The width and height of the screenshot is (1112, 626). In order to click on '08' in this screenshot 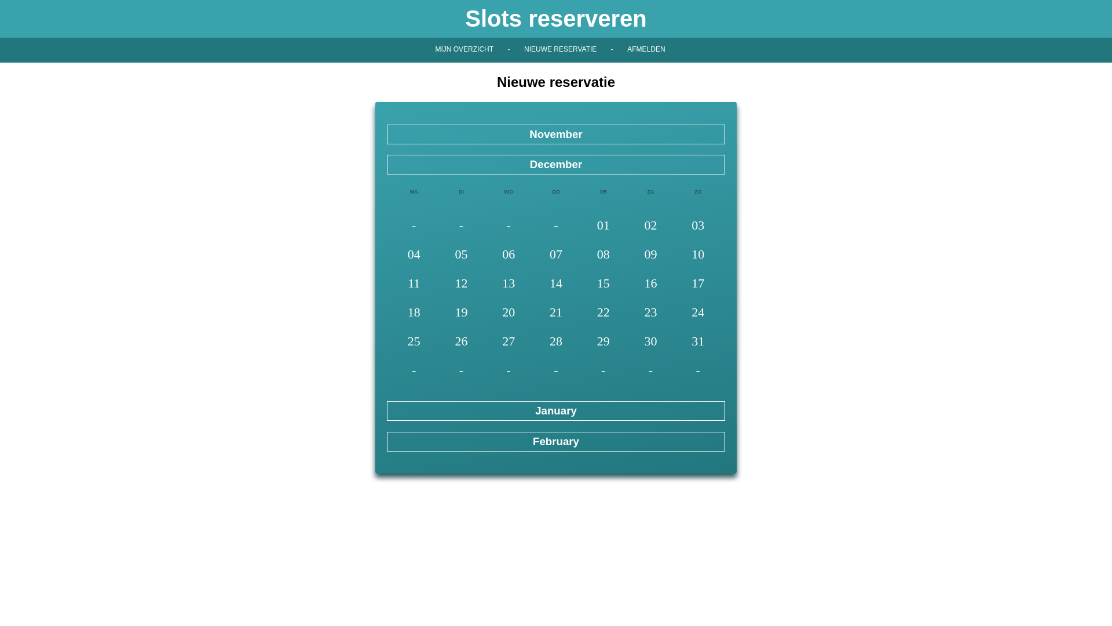, I will do `click(602, 254)`.